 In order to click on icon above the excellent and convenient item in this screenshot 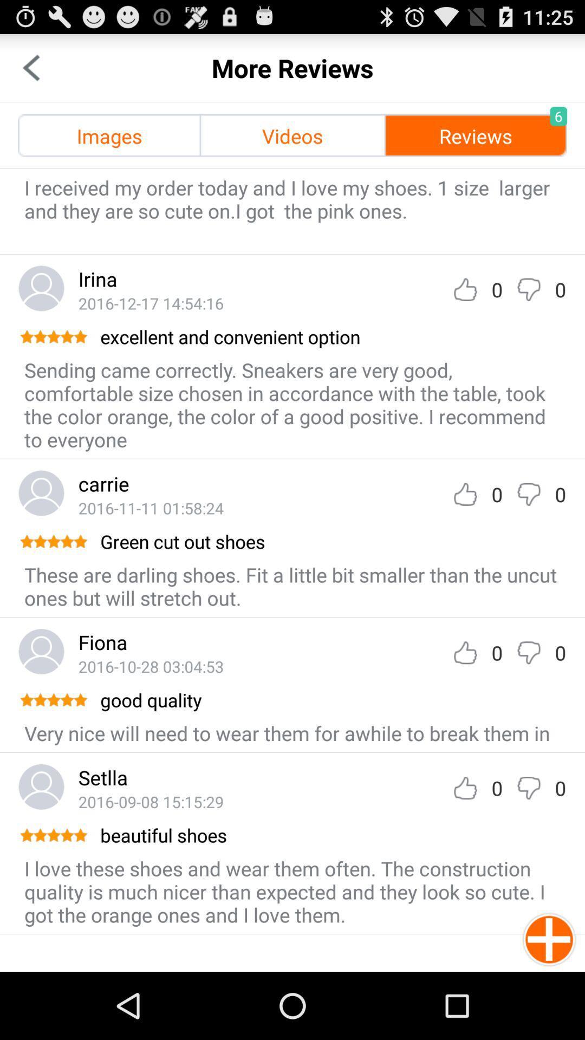, I will do `click(151, 303)`.